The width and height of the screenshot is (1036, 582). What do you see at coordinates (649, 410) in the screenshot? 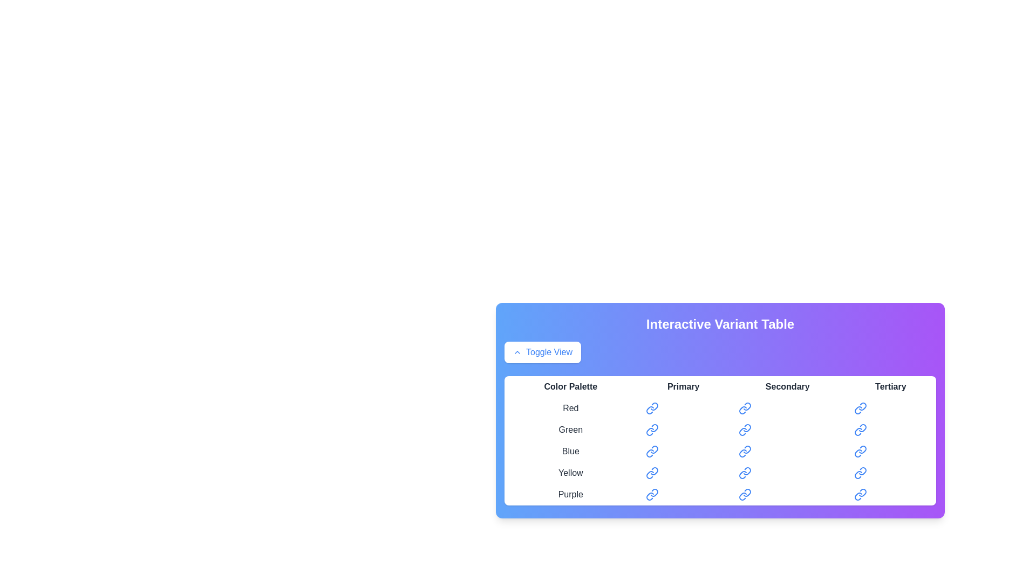
I see `the stylized chain link icon located in the 'Primary' column of the 'Red' row within the 'Interactive Variant Table'` at bounding box center [649, 410].